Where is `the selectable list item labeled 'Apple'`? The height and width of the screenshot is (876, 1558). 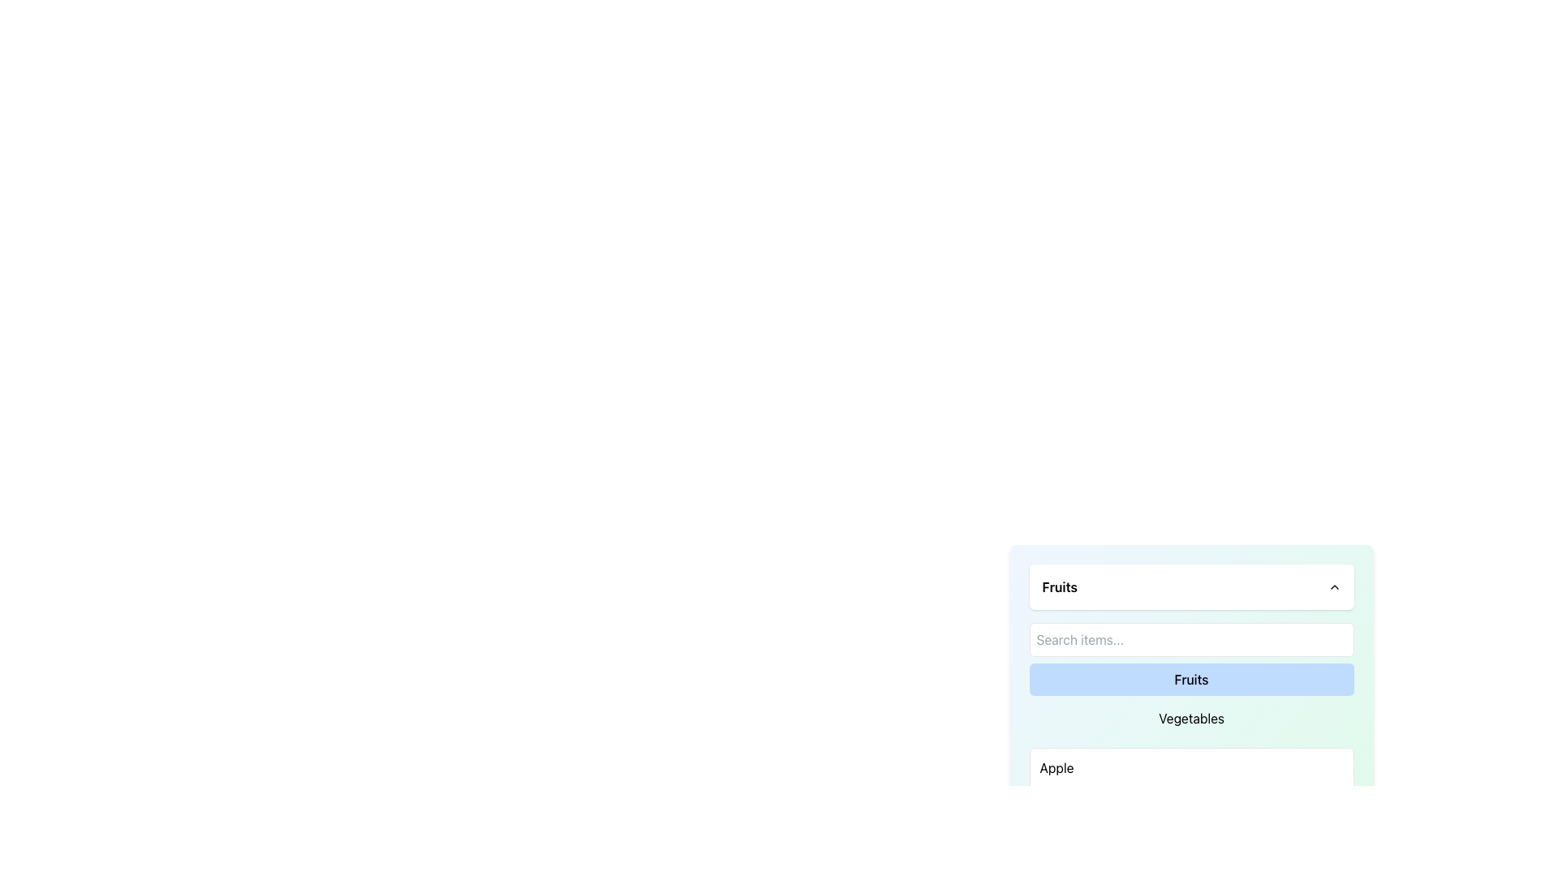 the selectable list item labeled 'Apple' is located at coordinates (1191, 767).